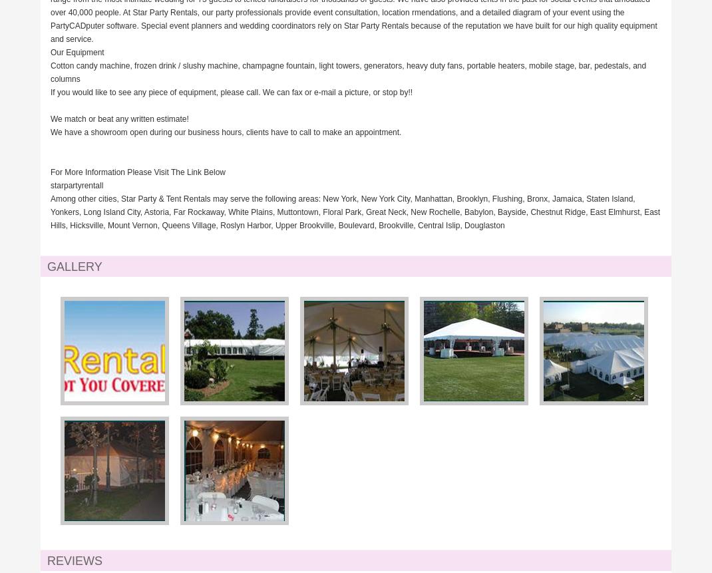 Image resolution: width=712 pixels, height=573 pixels. I want to click on 'Gallery', so click(75, 266).